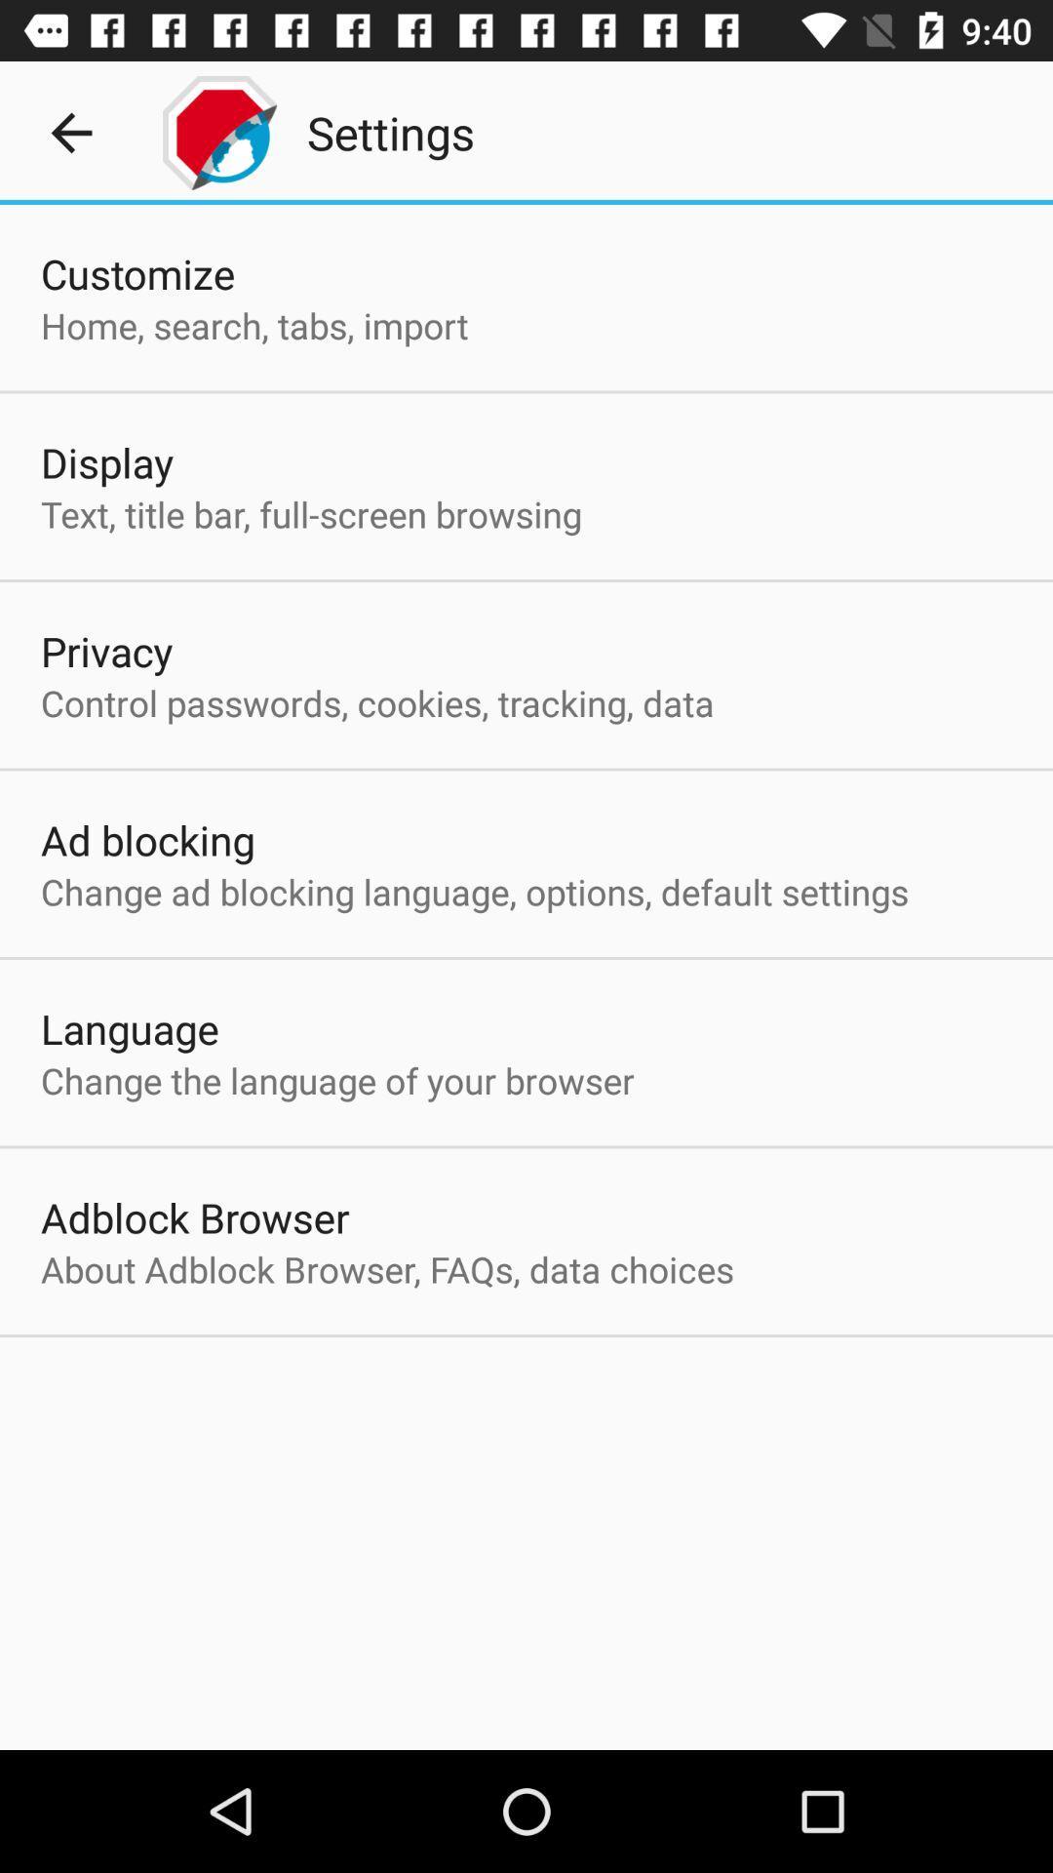 This screenshot has width=1053, height=1873. Describe the element at coordinates (107, 461) in the screenshot. I see `the app below the home search tabs icon` at that location.